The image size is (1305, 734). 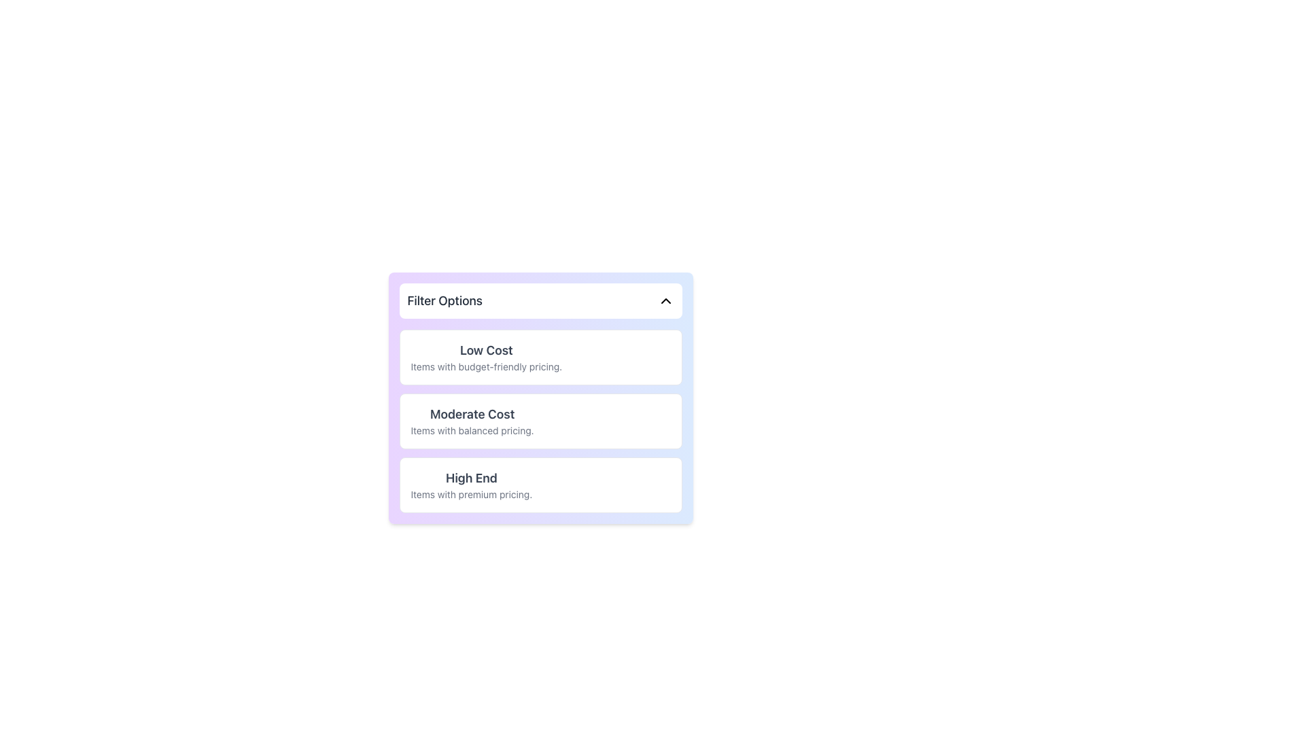 I want to click on the first filter option in the list under 'Filter Options', so click(x=540, y=356).